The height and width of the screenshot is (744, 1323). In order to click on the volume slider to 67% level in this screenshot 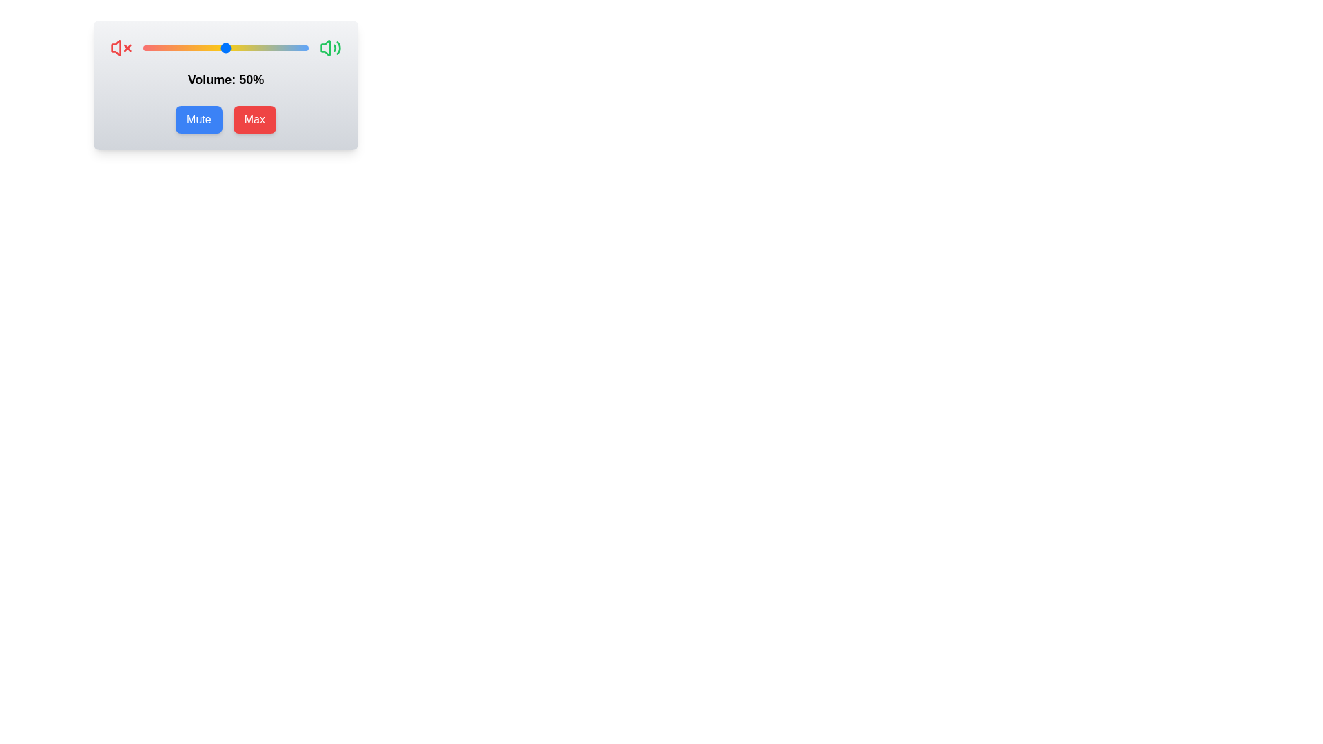, I will do `click(254, 47)`.